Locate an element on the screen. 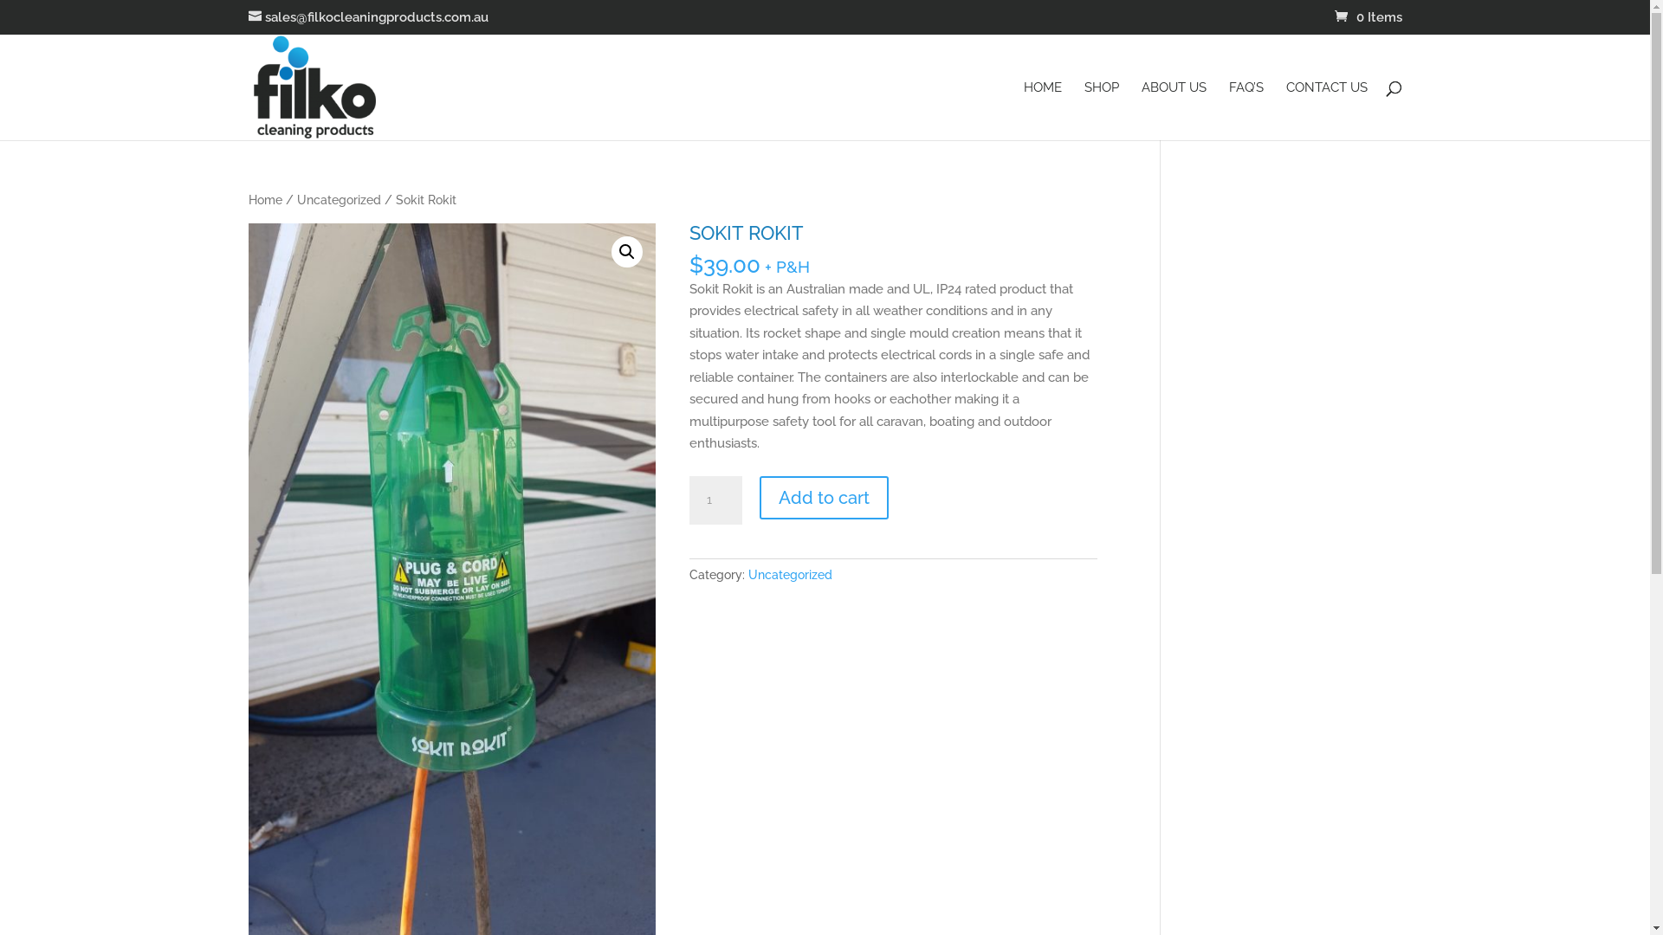 This screenshot has height=935, width=1663. 'SHOP' is located at coordinates (1101, 110).